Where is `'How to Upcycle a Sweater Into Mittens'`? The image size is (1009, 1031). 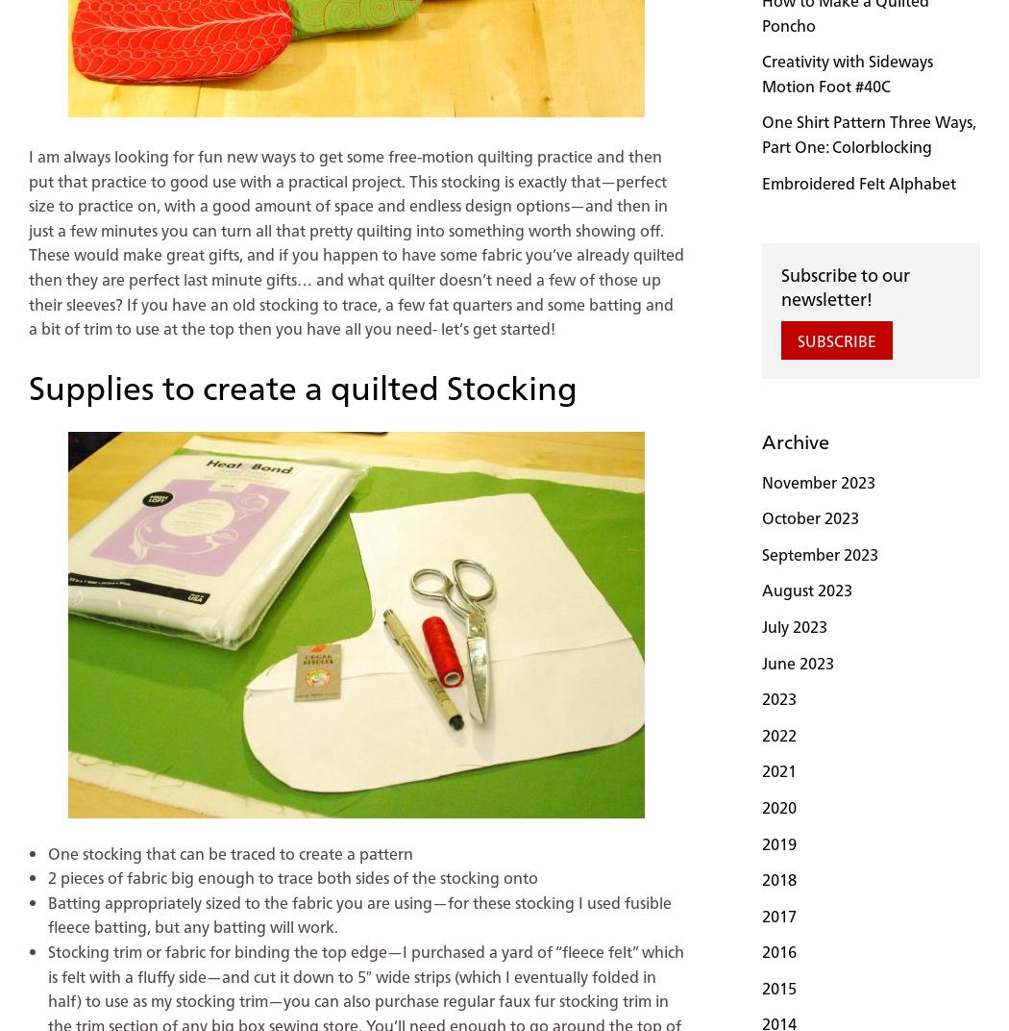
'How to Upcycle a Sweater Into Mittens' is located at coordinates (120, 833).